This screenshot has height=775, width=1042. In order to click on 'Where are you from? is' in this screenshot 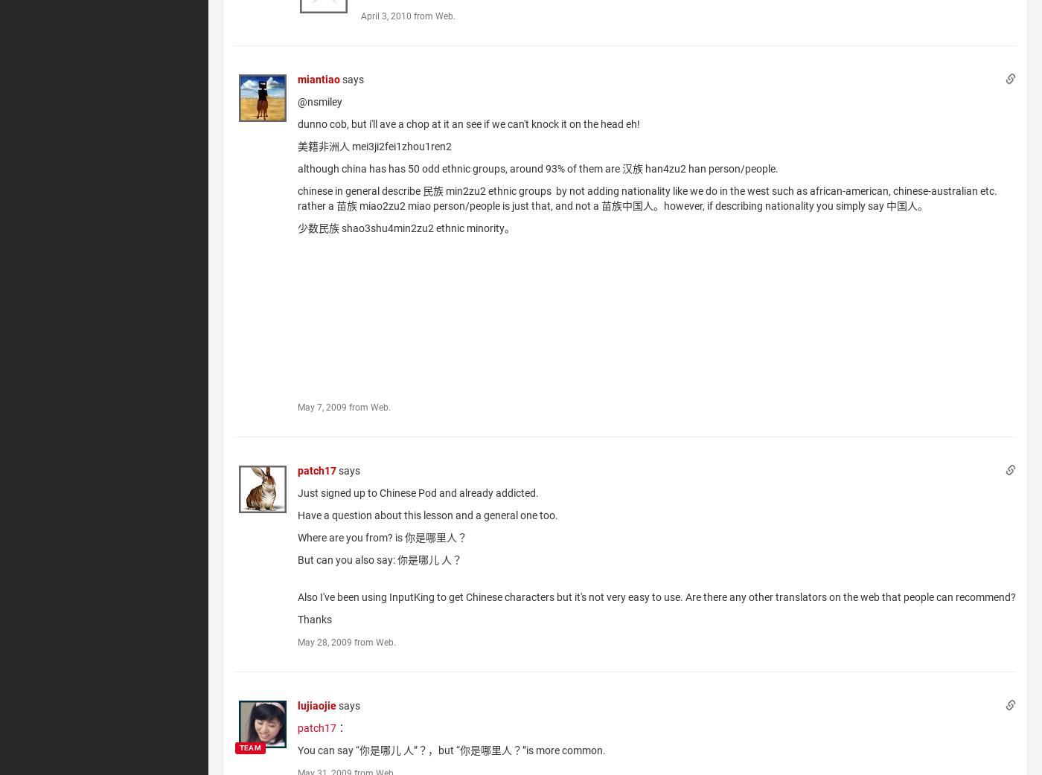, I will do `click(349, 536)`.